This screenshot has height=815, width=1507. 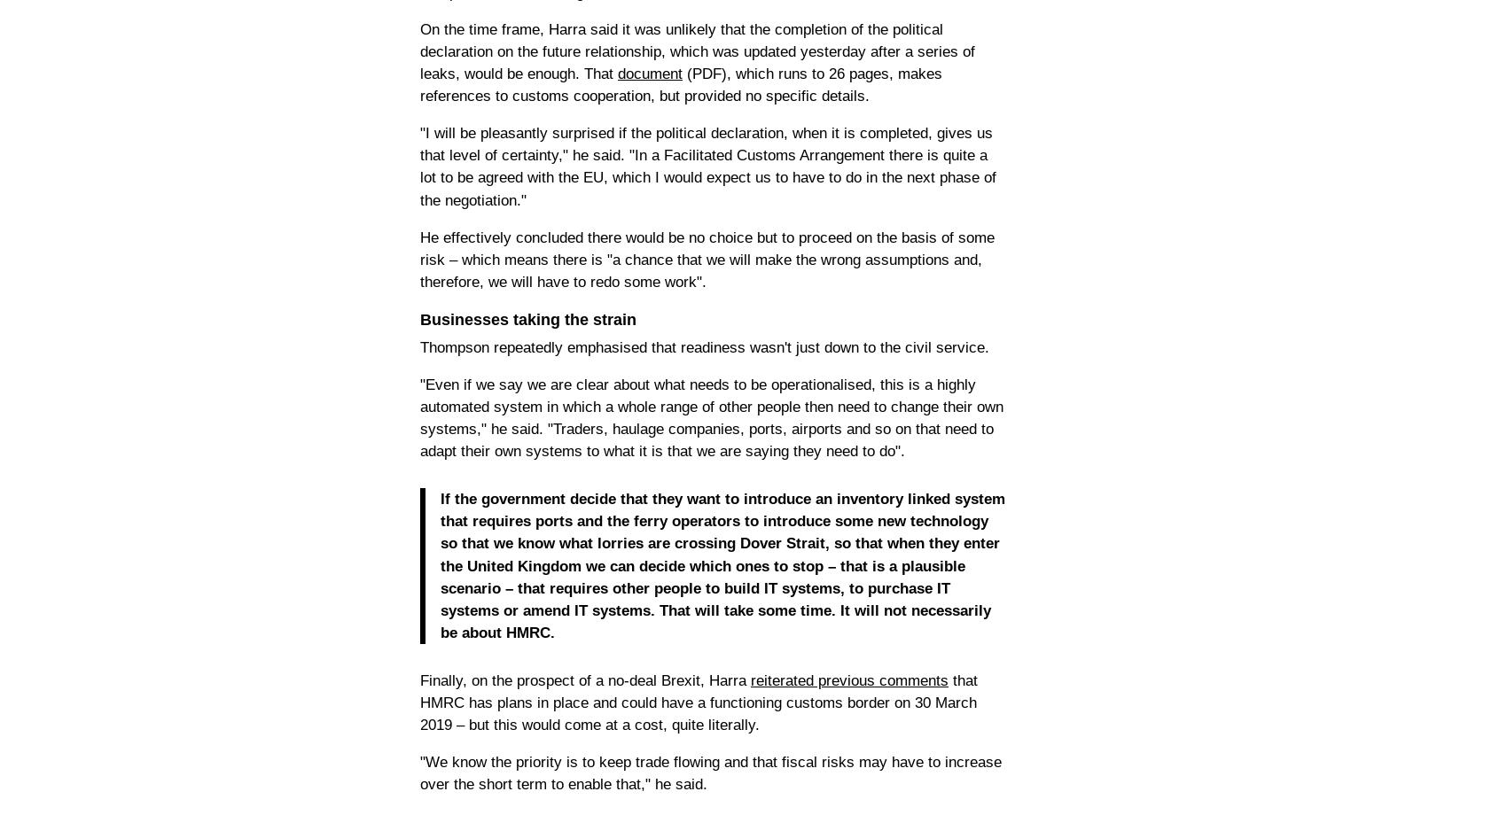 What do you see at coordinates (696, 50) in the screenshot?
I see `'On the time frame, Harra said it was unlikely that the completion of the political declaration on the future relationship, which was updated yesterday after a series of leaks, would be enough. That'` at bounding box center [696, 50].